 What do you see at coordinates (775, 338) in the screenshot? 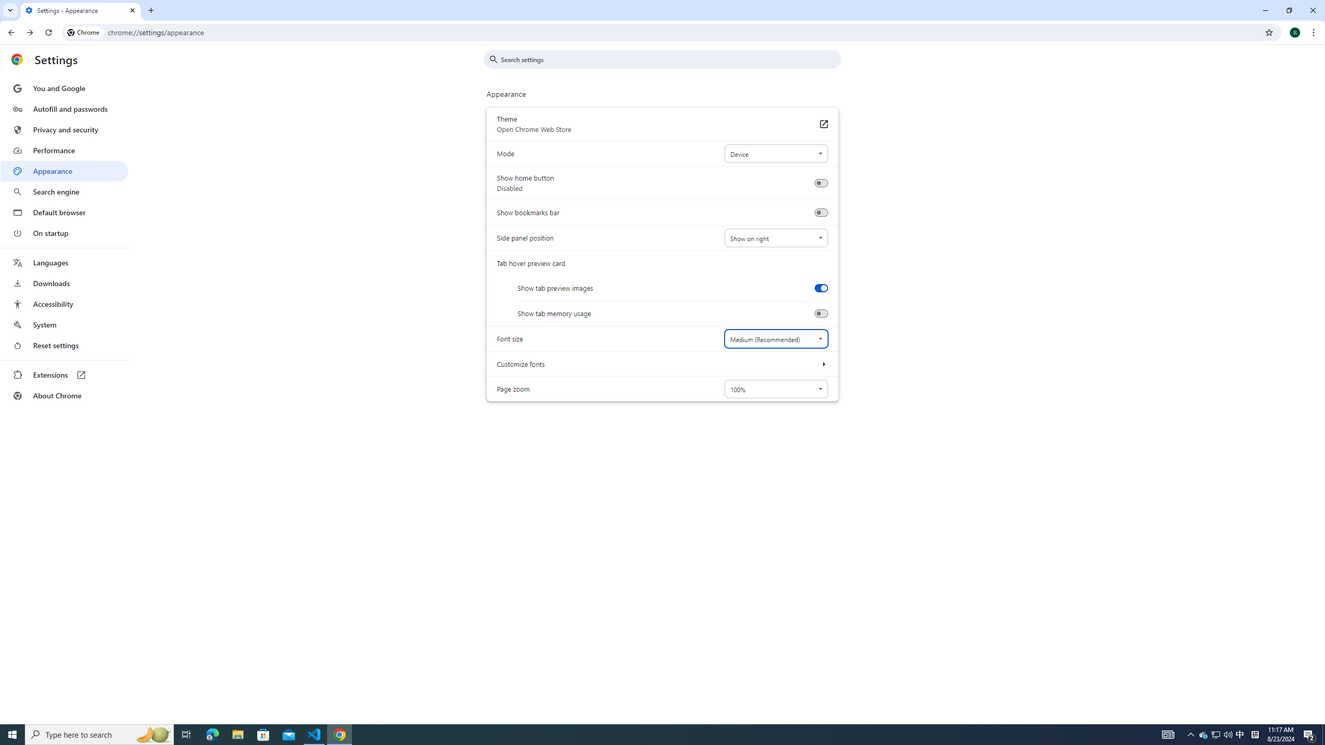
I see `'Font size'` at bounding box center [775, 338].